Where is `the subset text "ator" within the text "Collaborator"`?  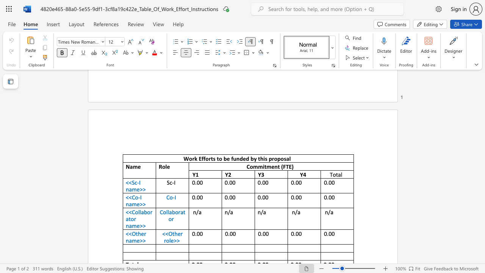
the subset text "ator" within the text "Collaborator" is located at coordinates (180, 212).